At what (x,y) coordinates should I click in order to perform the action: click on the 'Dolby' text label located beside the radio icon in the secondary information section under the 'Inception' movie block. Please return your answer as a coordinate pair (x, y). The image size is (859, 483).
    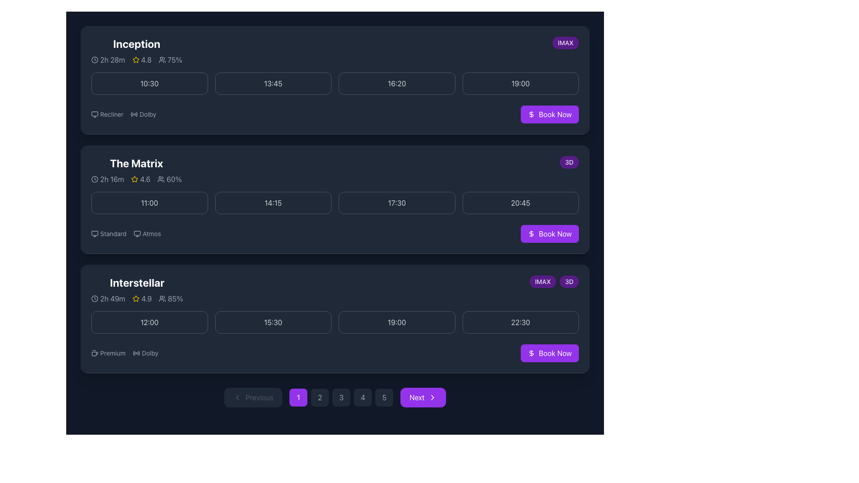
    Looking at the image, I should click on (148, 114).